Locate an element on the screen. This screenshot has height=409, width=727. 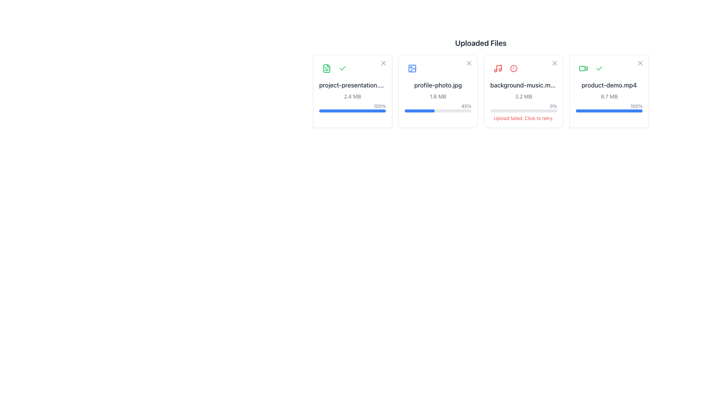
the third card element representing a failed file upload is located at coordinates (523, 100).